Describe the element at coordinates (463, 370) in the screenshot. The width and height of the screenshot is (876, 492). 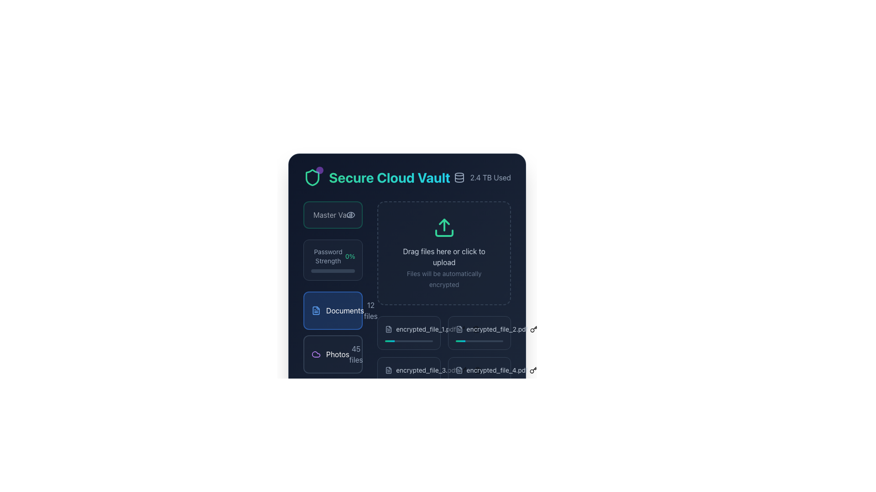
I see `the key-shaped icon indicating the encryption status for the file 'encrypted_file_4.pdf', located at the lower right corner of the file list interface in the 'Secure Cloud Vault' section` at that location.